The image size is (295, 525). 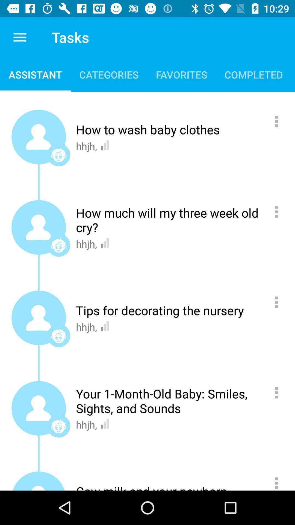 I want to click on more details, so click(x=279, y=392).